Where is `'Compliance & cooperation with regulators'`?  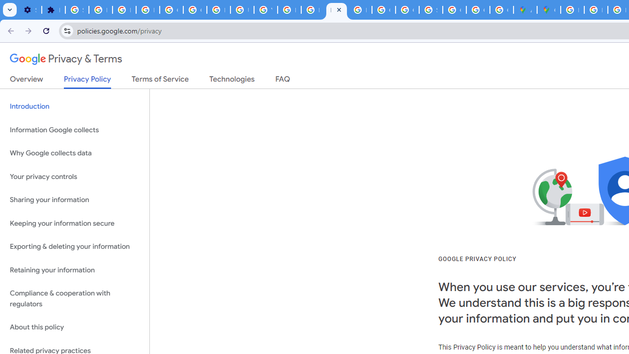
'Compliance & cooperation with regulators' is located at coordinates (74, 298).